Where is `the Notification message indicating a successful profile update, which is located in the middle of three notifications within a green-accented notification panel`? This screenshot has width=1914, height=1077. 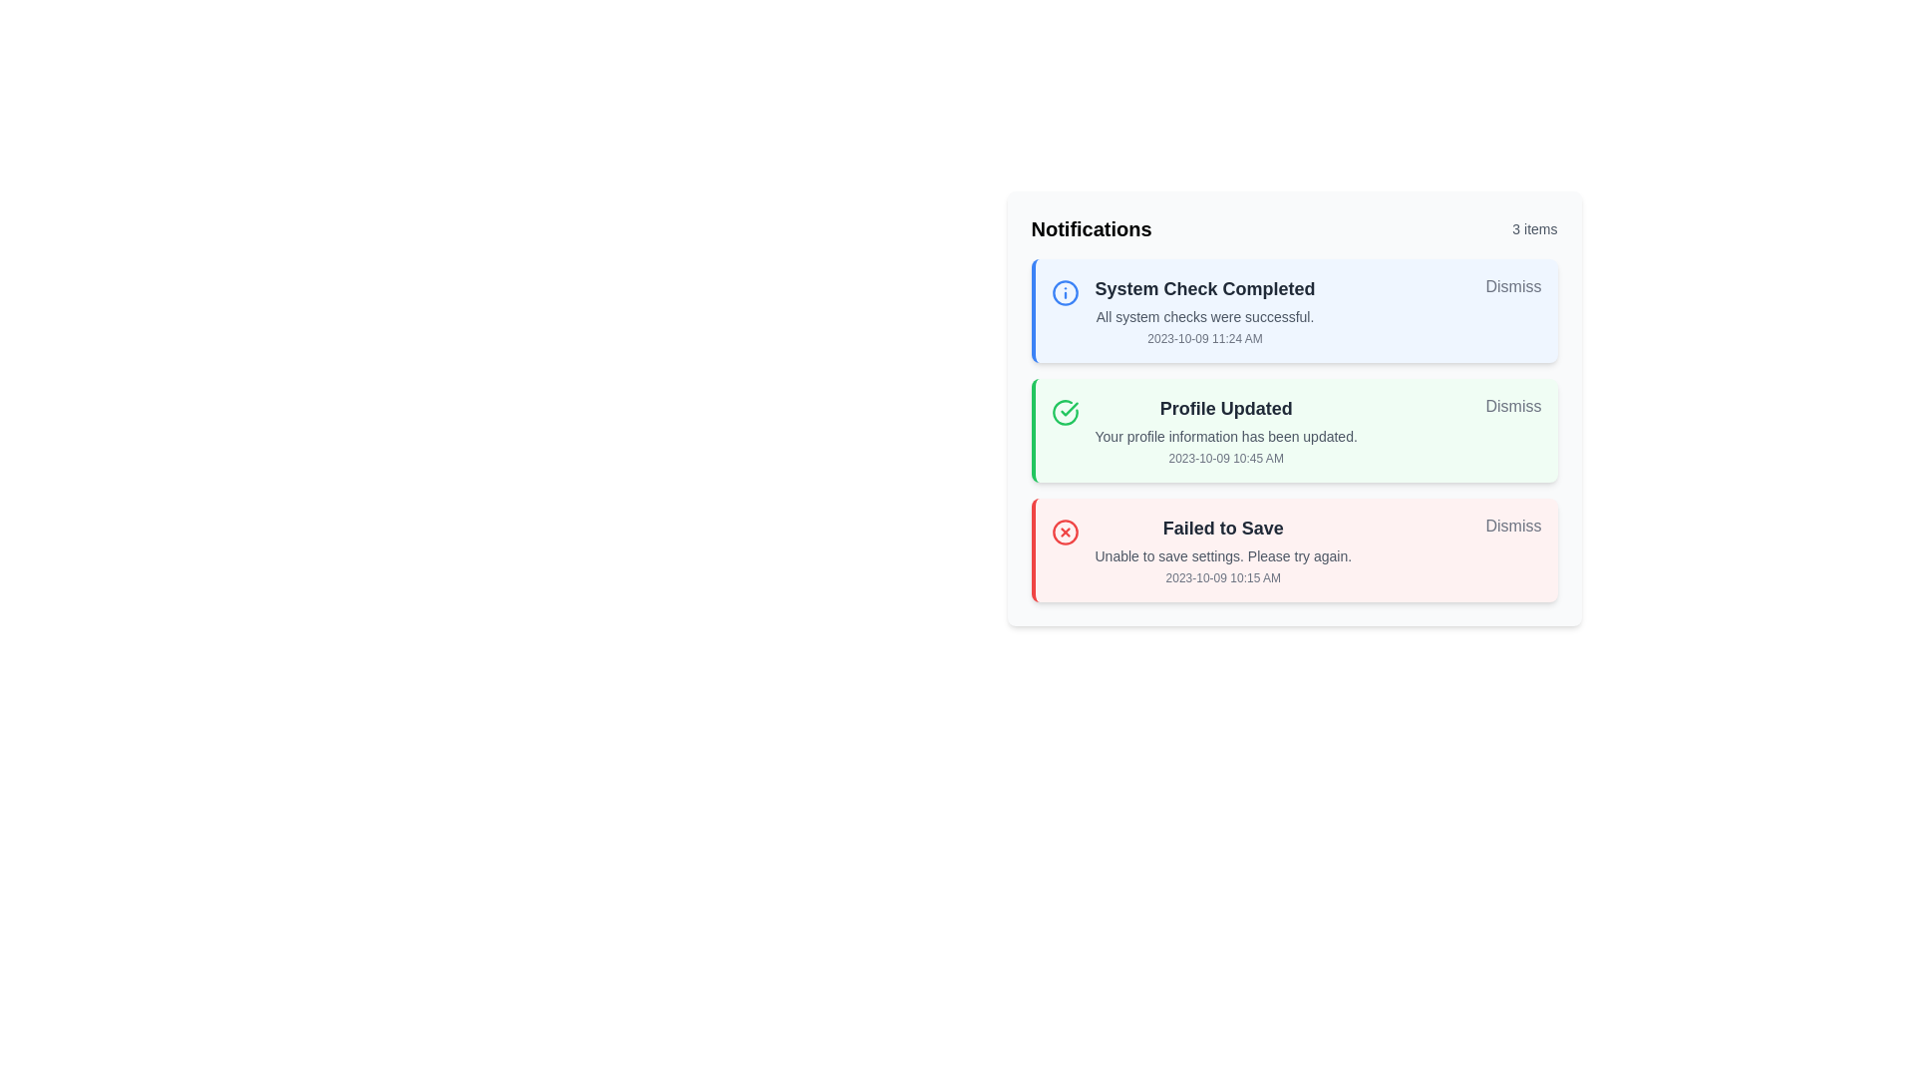
the Notification message indicating a successful profile update, which is located in the middle of three notifications within a green-accented notification panel is located at coordinates (1225, 430).